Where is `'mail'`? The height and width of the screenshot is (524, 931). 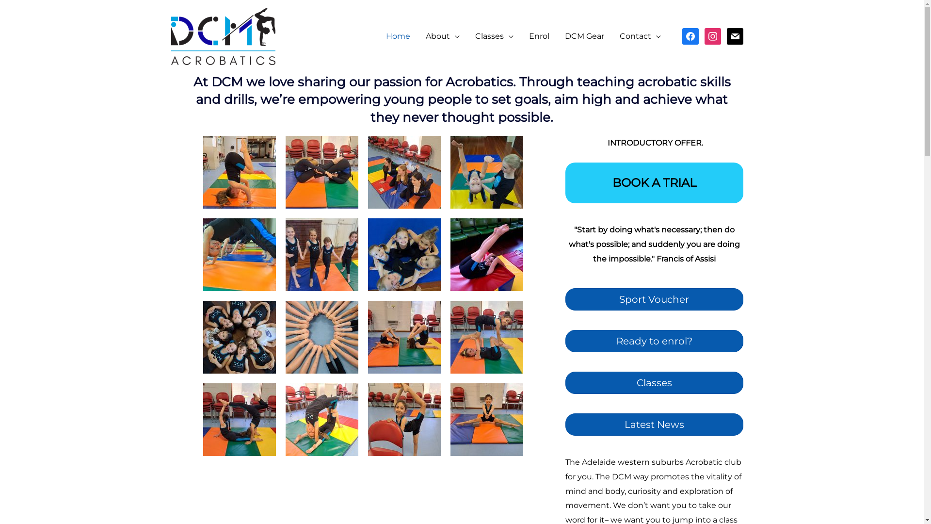
'mail' is located at coordinates (726, 35).